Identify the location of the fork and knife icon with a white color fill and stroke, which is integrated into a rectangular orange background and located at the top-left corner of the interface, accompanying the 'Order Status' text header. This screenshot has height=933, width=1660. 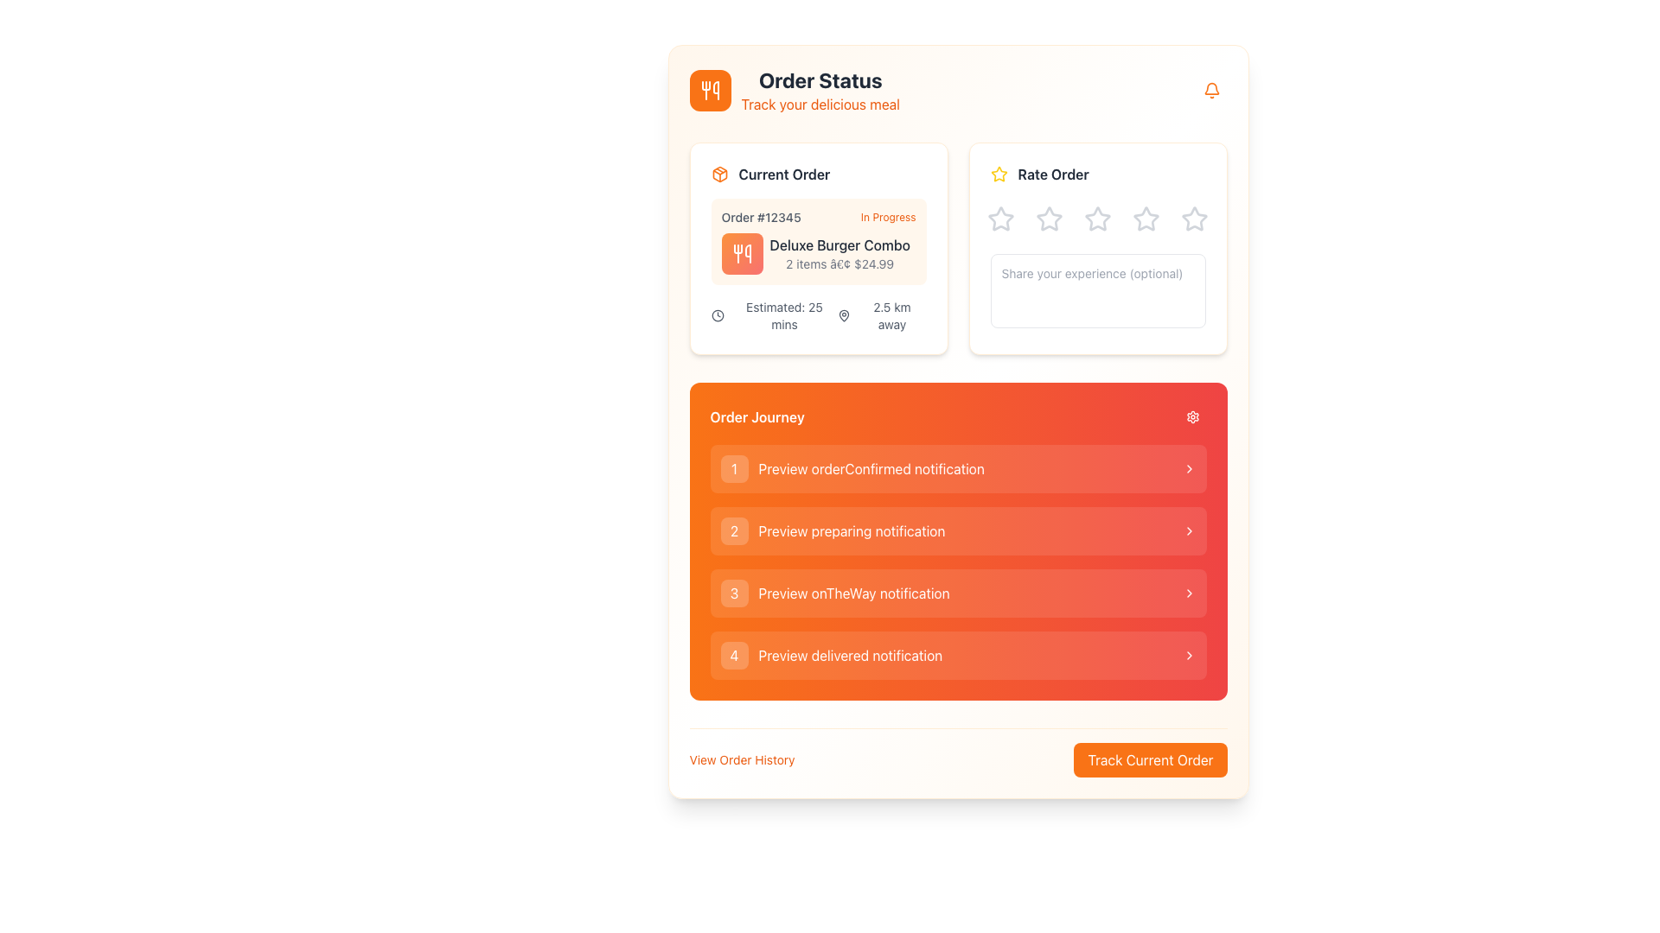
(705, 86).